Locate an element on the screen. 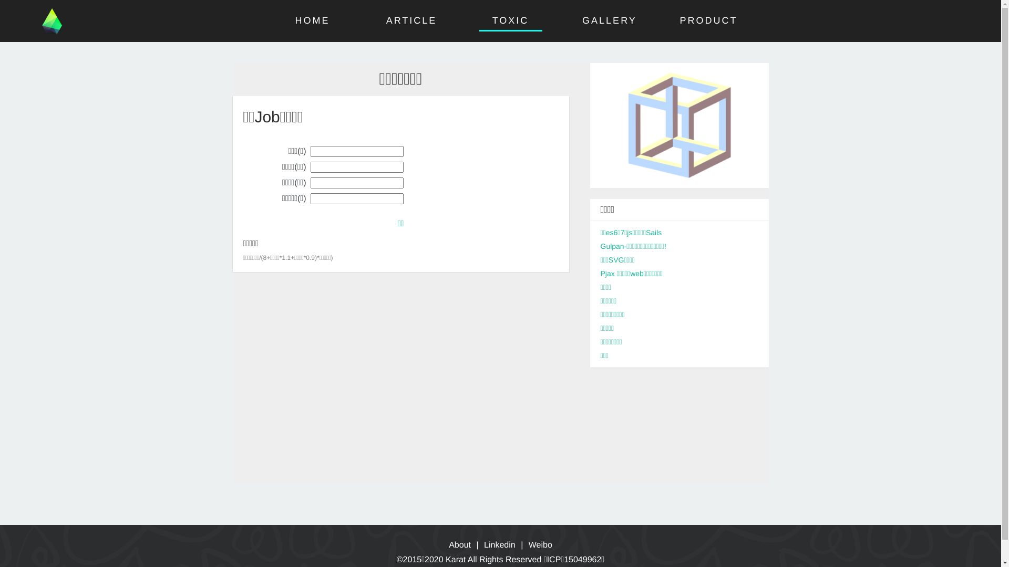  'About' is located at coordinates (449, 544).